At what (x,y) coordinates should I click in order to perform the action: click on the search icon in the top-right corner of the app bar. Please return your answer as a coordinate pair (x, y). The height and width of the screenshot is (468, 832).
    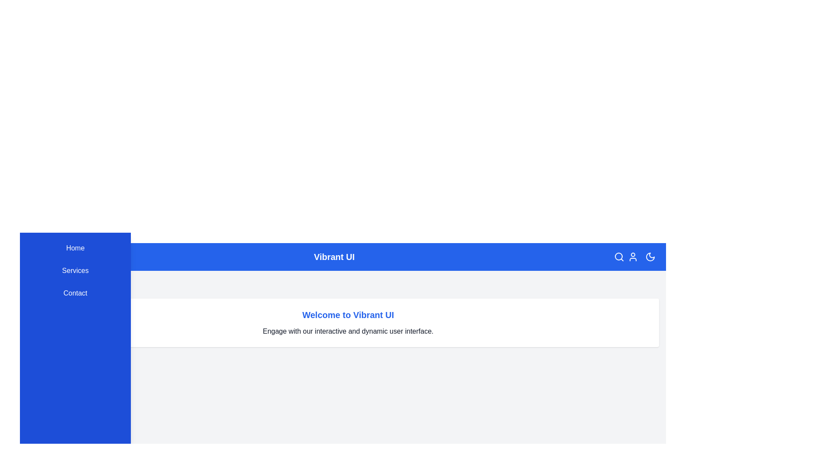
    Looking at the image, I should click on (619, 257).